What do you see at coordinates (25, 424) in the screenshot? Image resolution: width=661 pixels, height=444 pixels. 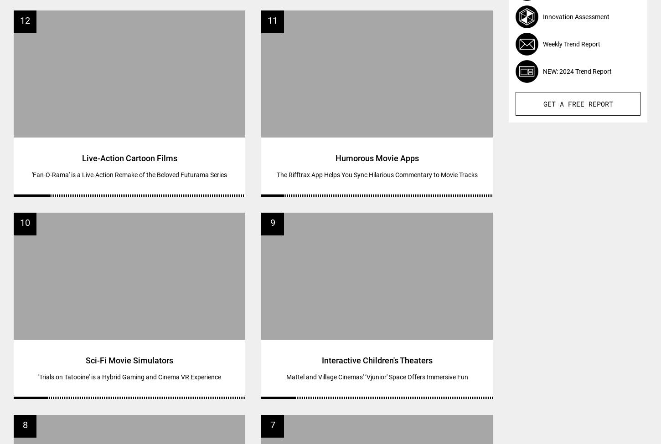 I see `'8'` at bounding box center [25, 424].